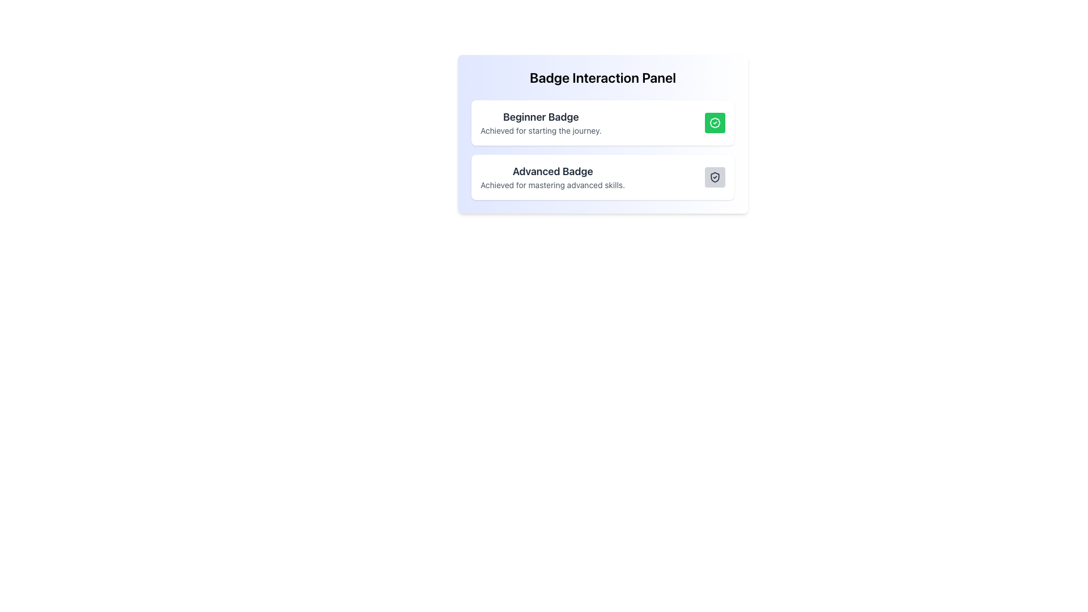  Describe the element at coordinates (602, 177) in the screenshot. I see `the Informational Card displaying the 'Advanced Badge', which is located below the 'Beginner Badge' in the vertical list of badge-like cards` at that location.